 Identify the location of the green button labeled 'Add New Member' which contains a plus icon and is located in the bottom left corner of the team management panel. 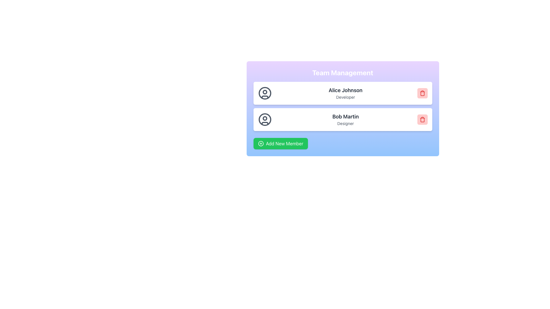
(260, 143).